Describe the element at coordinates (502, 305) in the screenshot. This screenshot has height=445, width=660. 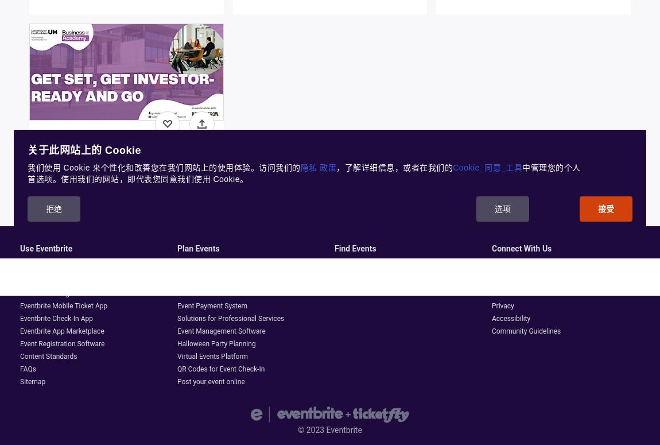
I see `'Privacy'` at that location.